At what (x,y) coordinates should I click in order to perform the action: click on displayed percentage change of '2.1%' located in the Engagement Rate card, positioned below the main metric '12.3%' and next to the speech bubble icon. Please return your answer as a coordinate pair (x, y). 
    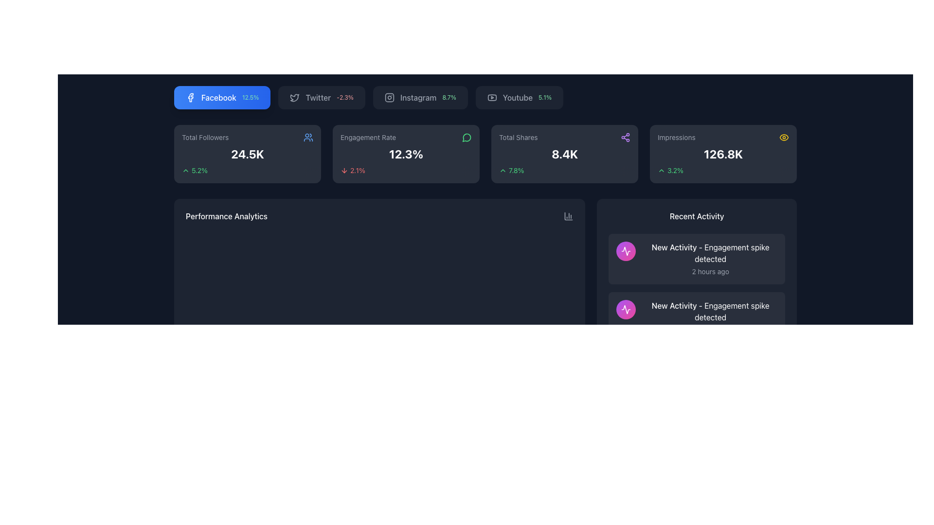
    Looking at the image, I should click on (357, 170).